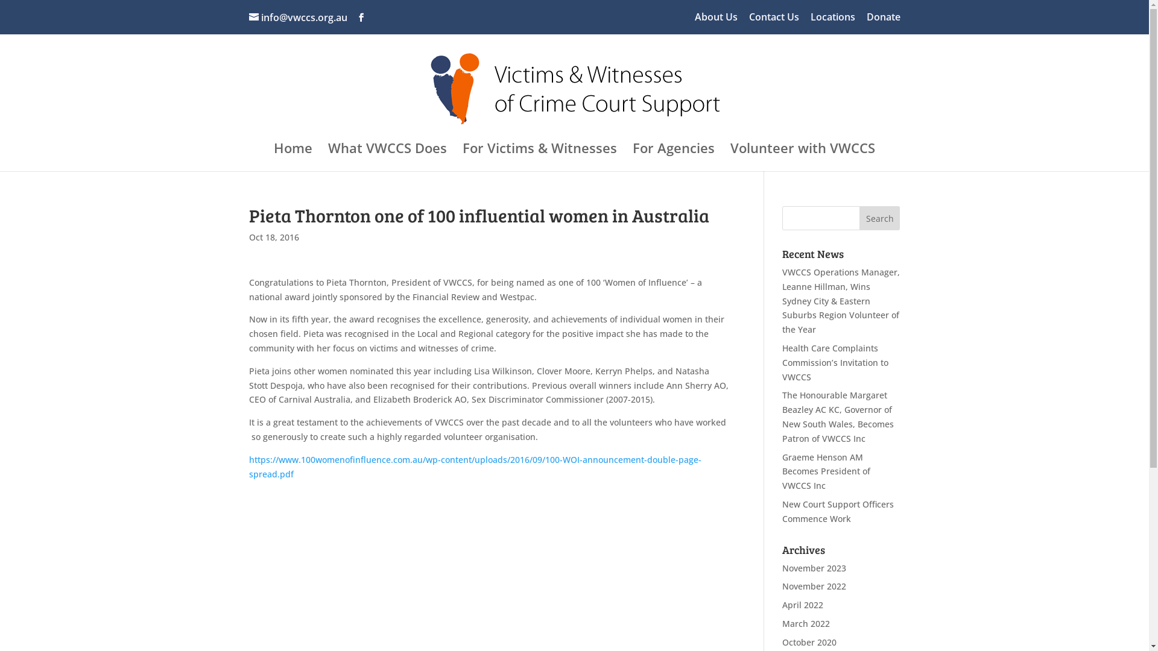 This screenshot has height=651, width=1158. What do you see at coordinates (880, 218) in the screenshot?
I see `'Search'` at bounding box center [880, 218].